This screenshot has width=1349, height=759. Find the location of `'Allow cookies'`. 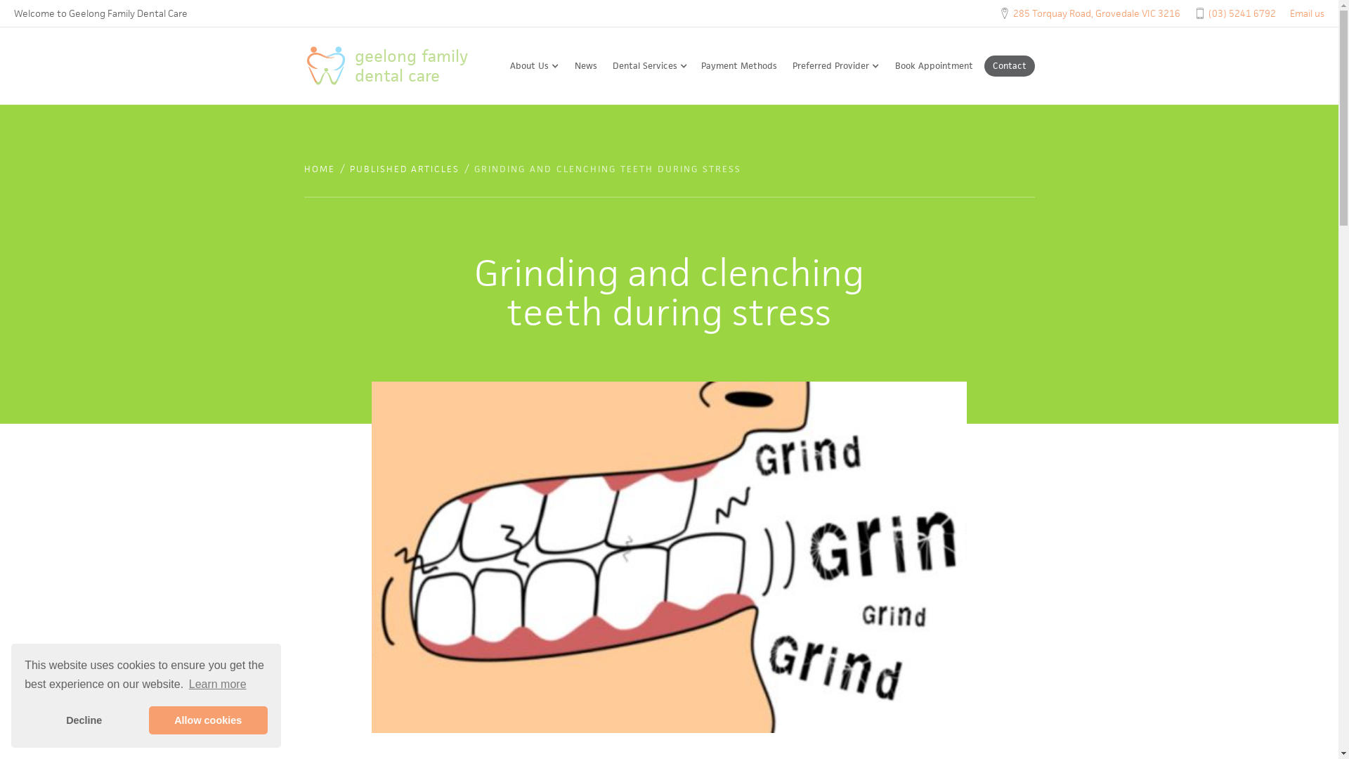

'Allow cookies' is located at coordinates (148, 720).